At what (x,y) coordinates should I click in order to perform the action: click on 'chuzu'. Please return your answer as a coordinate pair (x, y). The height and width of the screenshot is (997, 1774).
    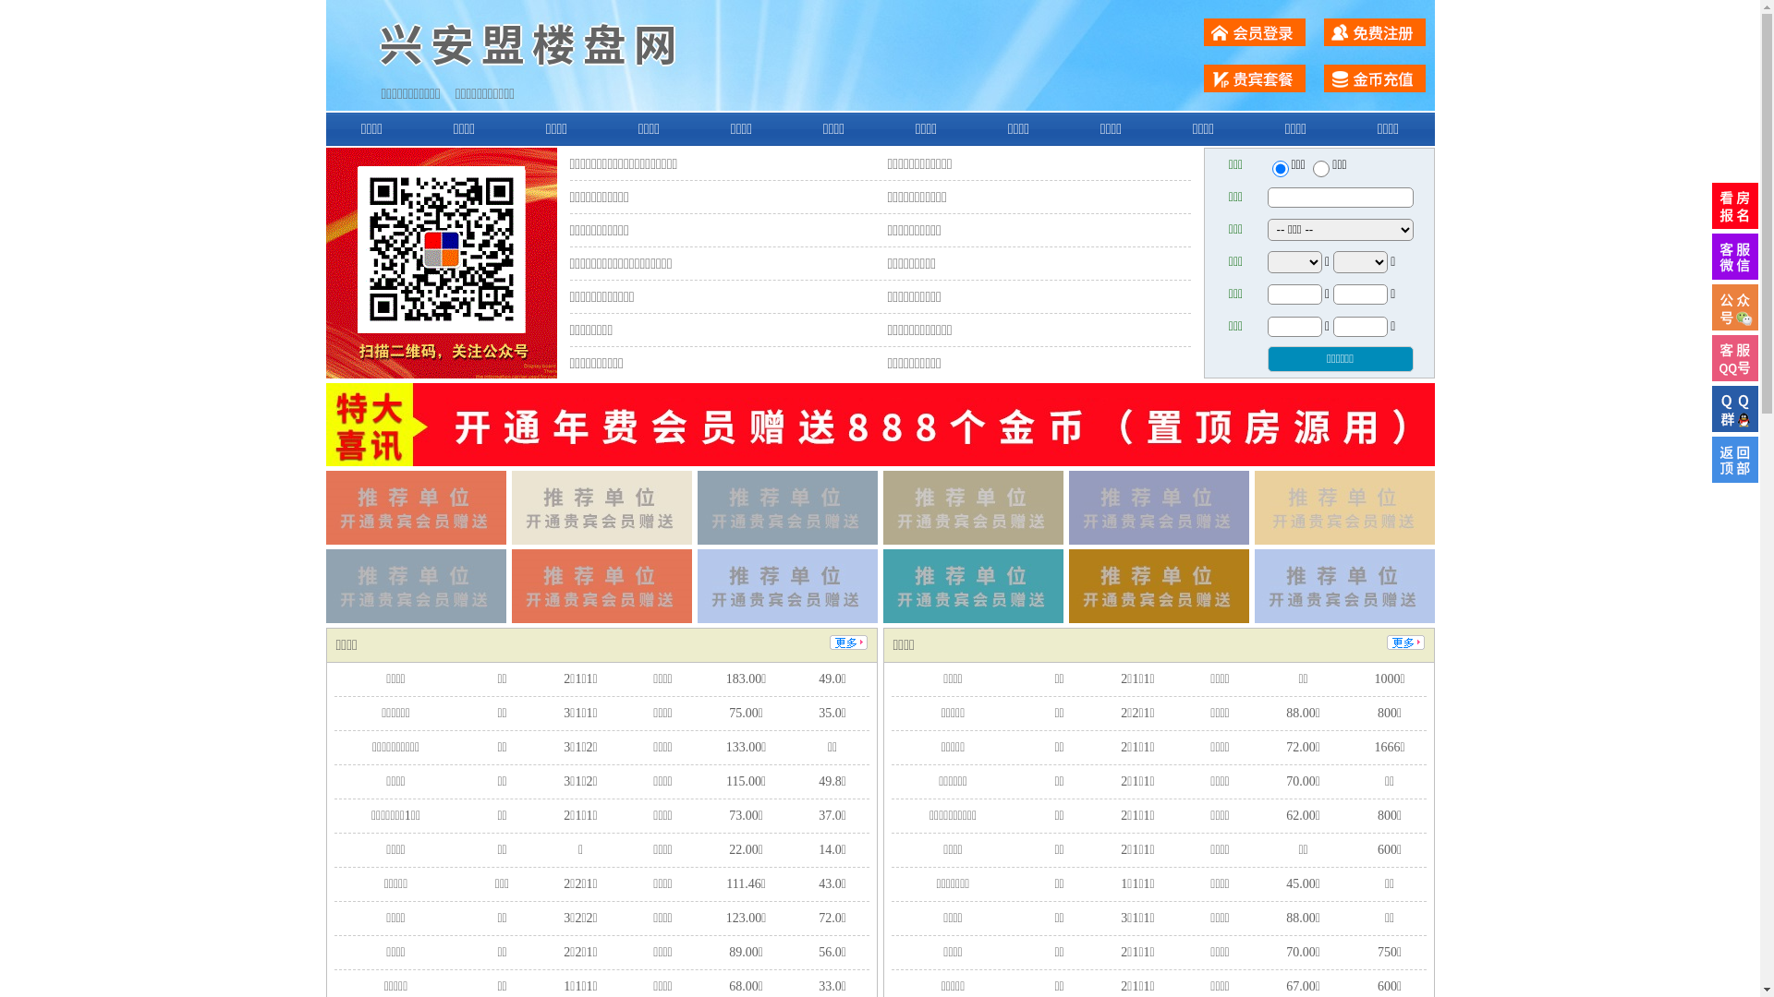
    Looking at the image, I should click on (1320, 168).